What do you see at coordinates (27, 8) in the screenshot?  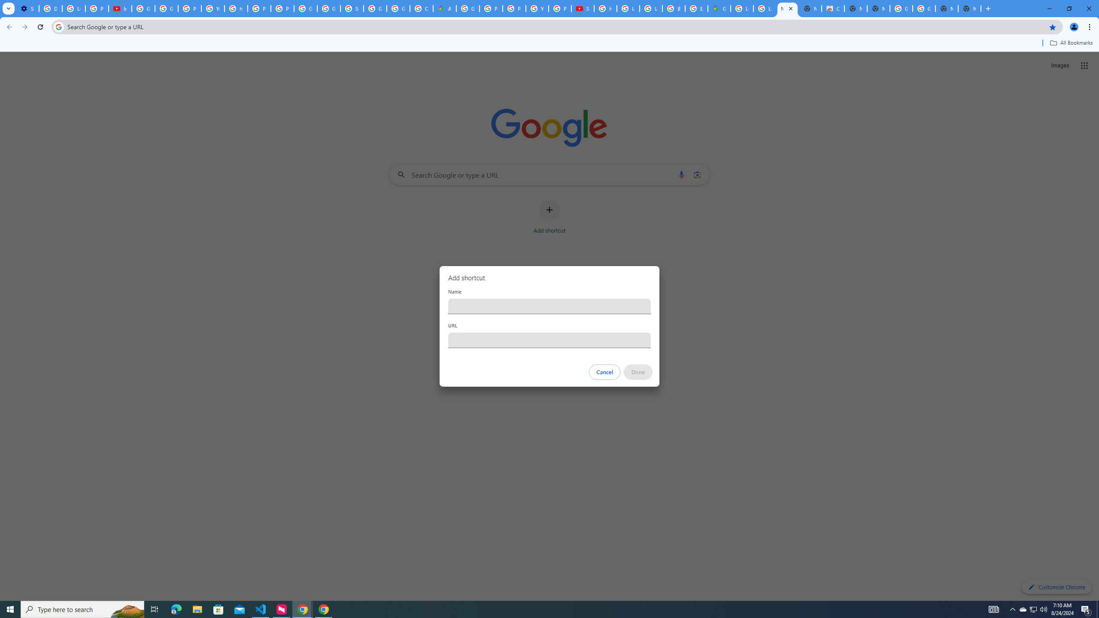 I see `'Settings - Performance'` at bounding box center [27, 8].